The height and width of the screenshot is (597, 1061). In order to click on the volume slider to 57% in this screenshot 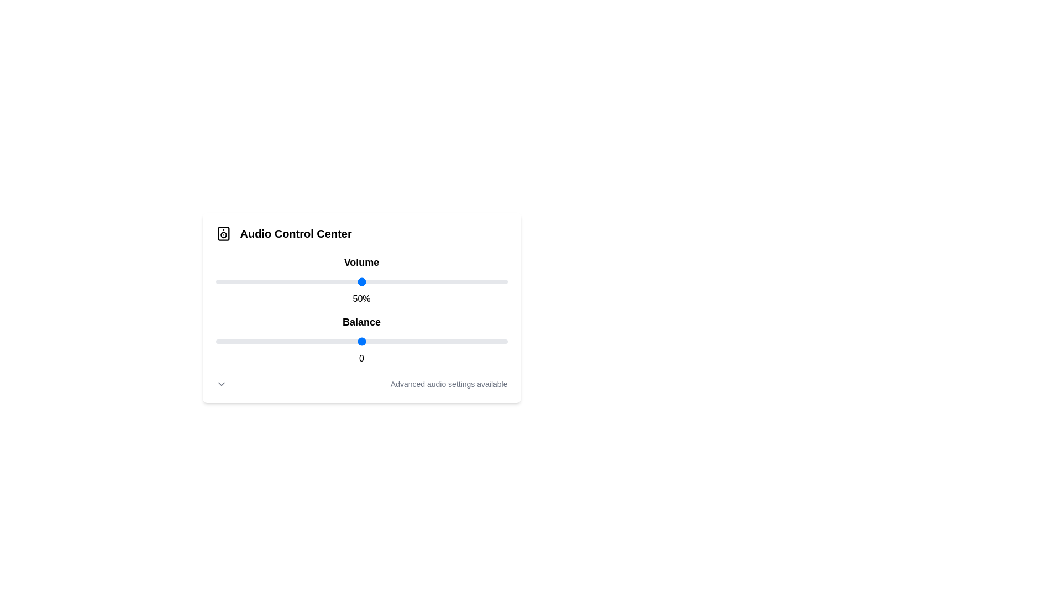, I will do `click(382, 281)`.